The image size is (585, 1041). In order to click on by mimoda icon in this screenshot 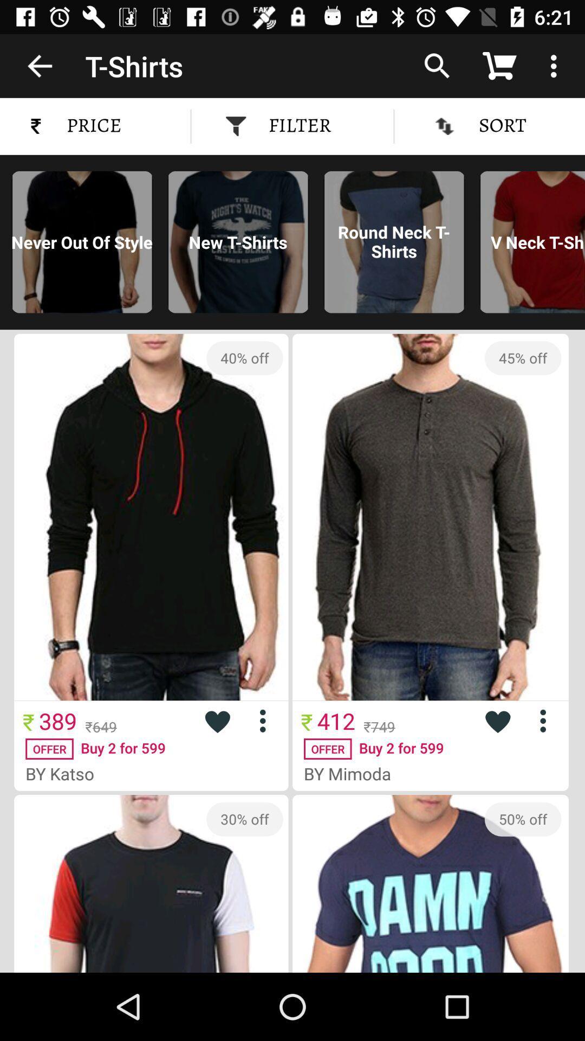, I will do `click(352, 773)`.